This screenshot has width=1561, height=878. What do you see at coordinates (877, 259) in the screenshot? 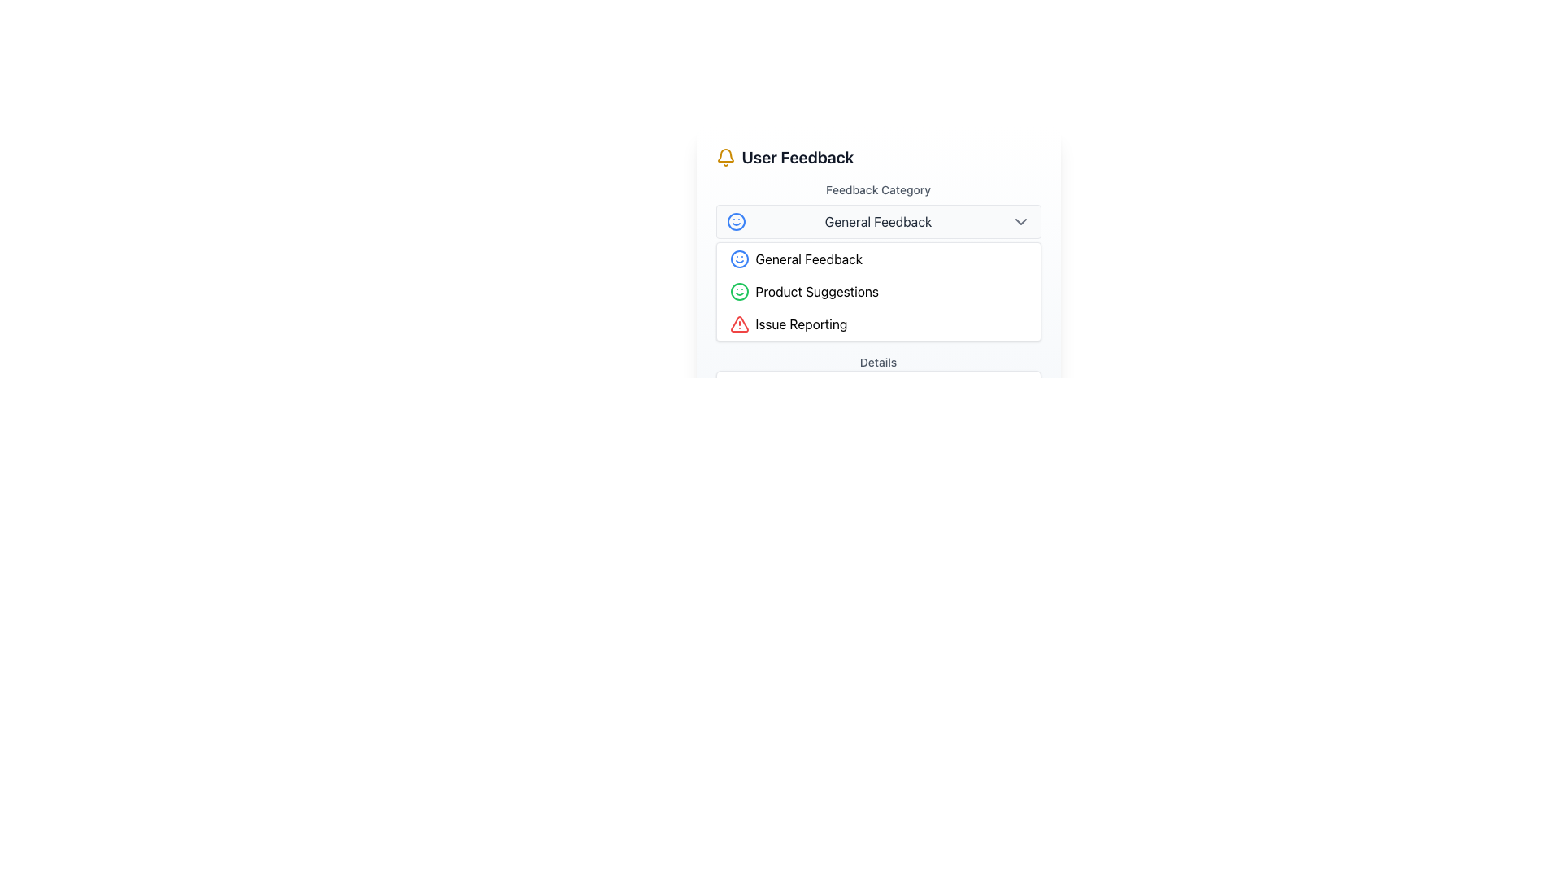
I see `the 'General Feedback' button` at bounding box center [877, 259].